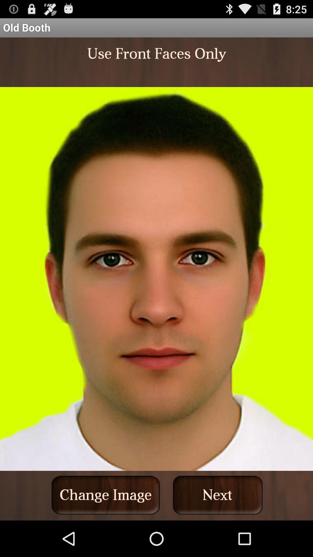 The image size is (313, 557). What do you see at coordinates (105, 495) in the screenshot?
I see `button next to next button` at bounding box center [105, 495].